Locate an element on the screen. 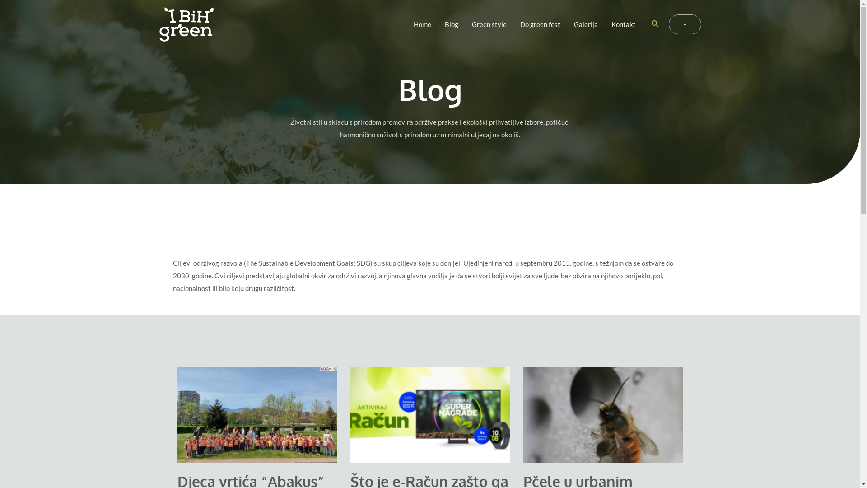 Image resolution: width=867 pixels, height=488 pixels. 'Home' is located at coordinates (422, 24).